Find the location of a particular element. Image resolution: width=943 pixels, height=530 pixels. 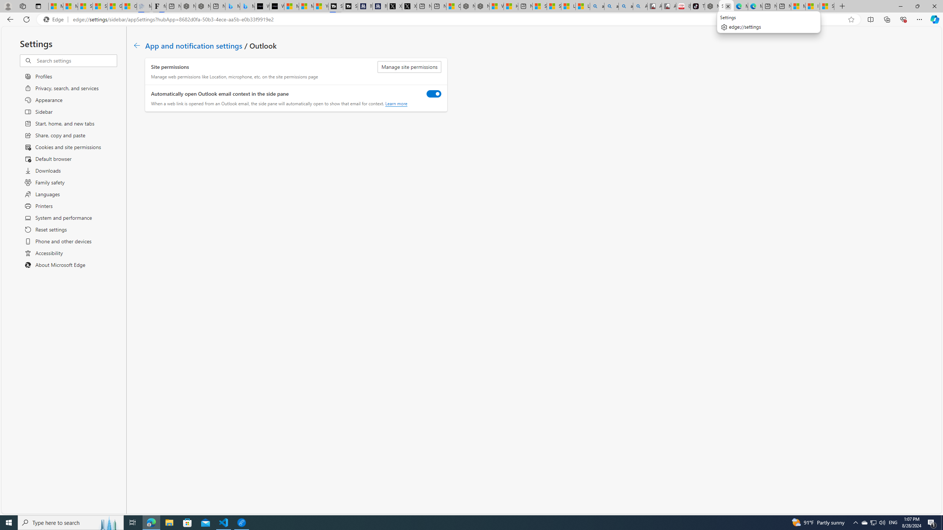

'App and notification settings' is located at coordinates (193, 45).